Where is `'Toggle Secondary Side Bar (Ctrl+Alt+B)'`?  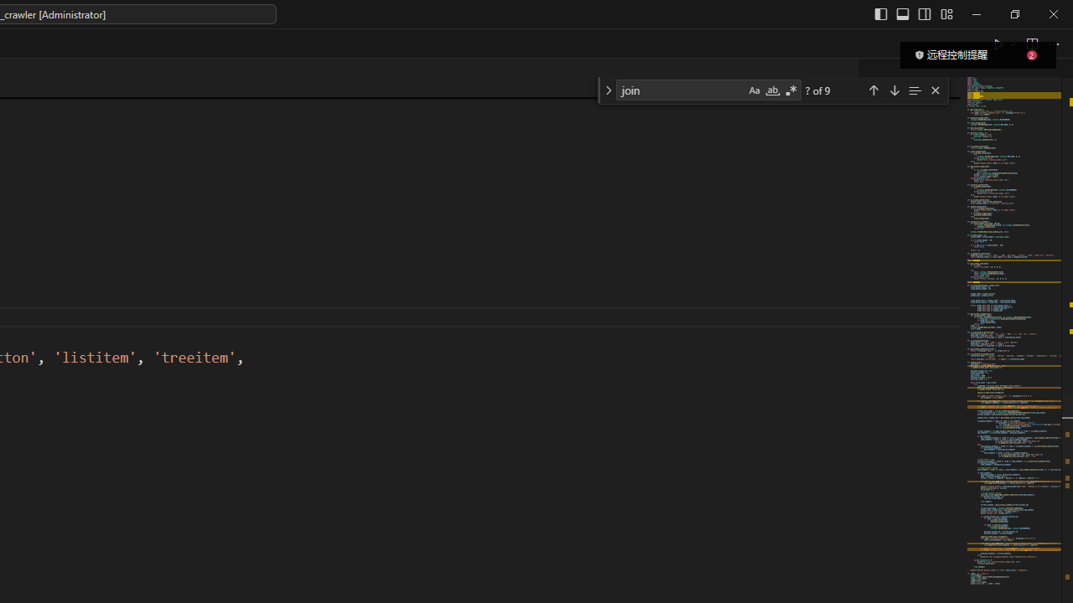
'Toggle Secondary Side Bar (Ctrl+Alt+B)' is located at coordinates (923, 13).